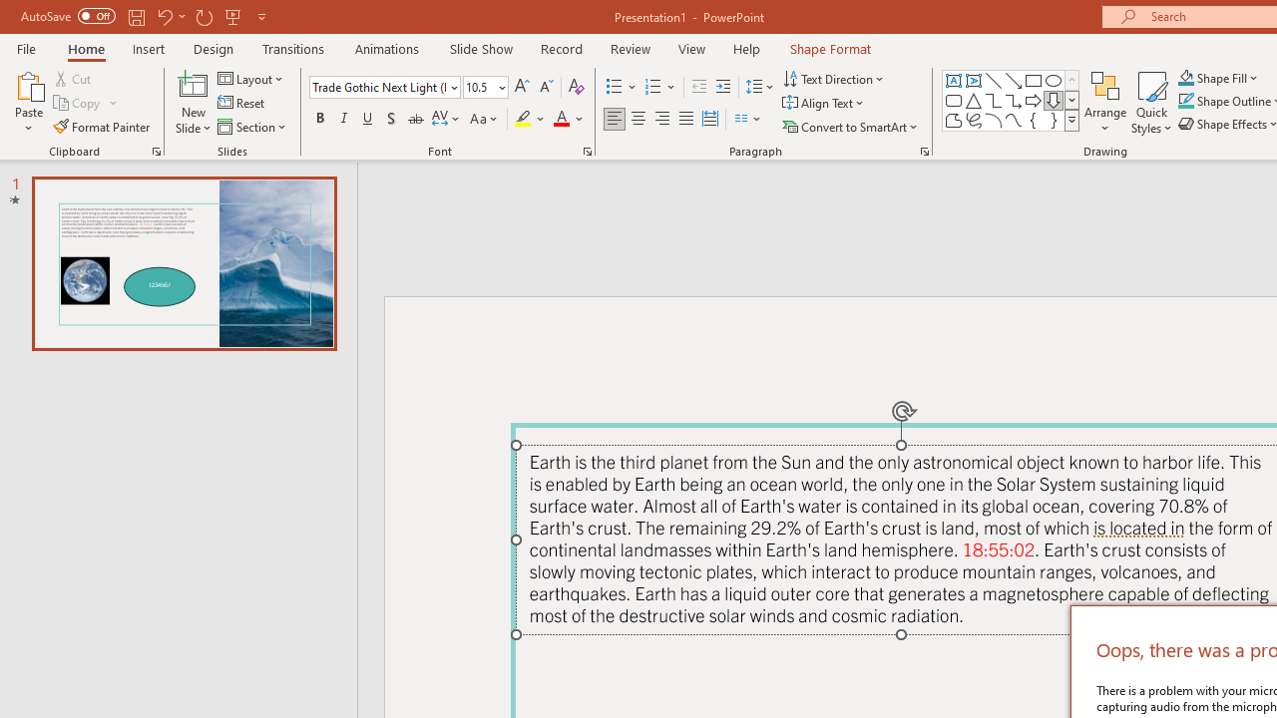 The image size is (1277, 718). Describe the element at coordinates (698, 86) in the screenshot. I see `'Decrease Indent'` at that location.